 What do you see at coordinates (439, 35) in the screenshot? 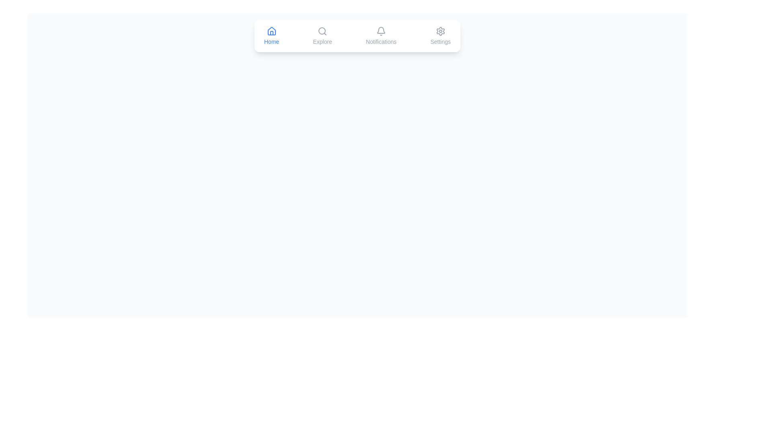
I see `the tab labeled Settings` at bounding box center [439, 35].